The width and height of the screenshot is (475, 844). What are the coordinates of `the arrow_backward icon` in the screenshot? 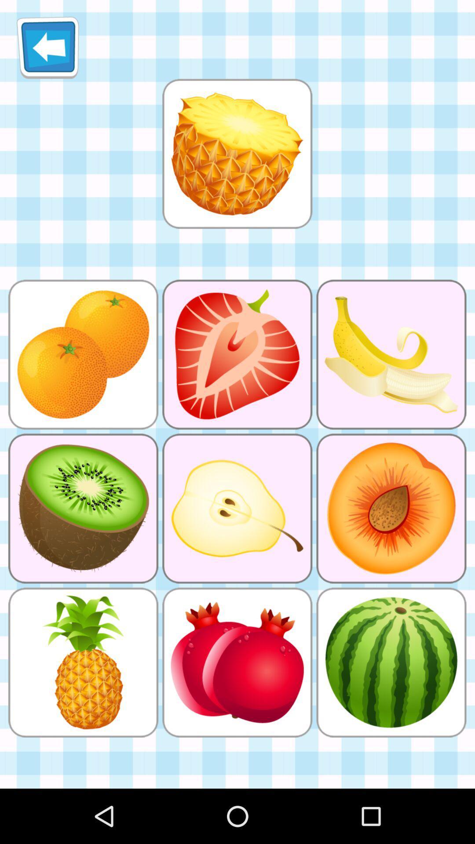 It's located at (47, 51).